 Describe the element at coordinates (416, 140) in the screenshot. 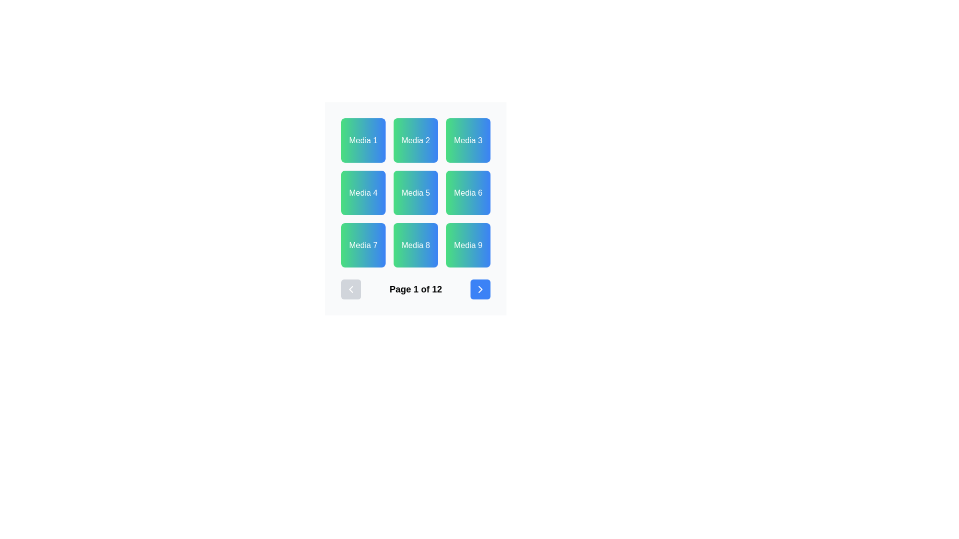

I see `the static label or display card located in the top row of a 3x3 grid, positioned between 'Media 1' and 'Media 3'` at that location.